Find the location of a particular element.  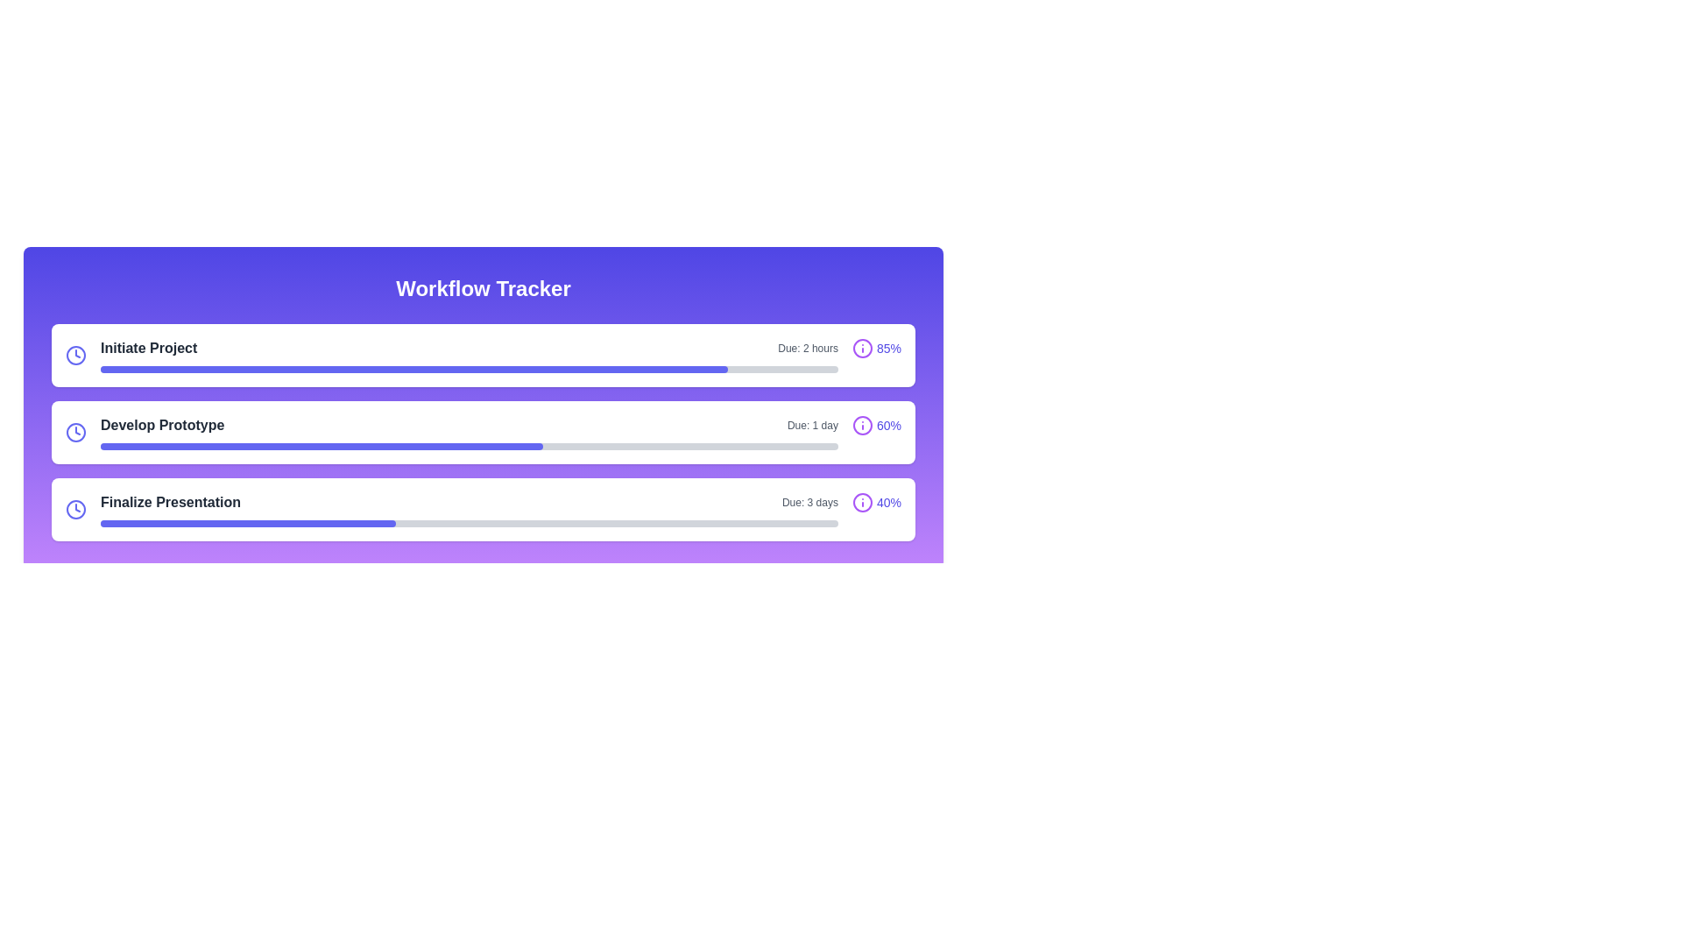

the information icon next to the '60%' progress label within the footer section of the 'Develop Prototype' task card is located at coordinates (876, 426).